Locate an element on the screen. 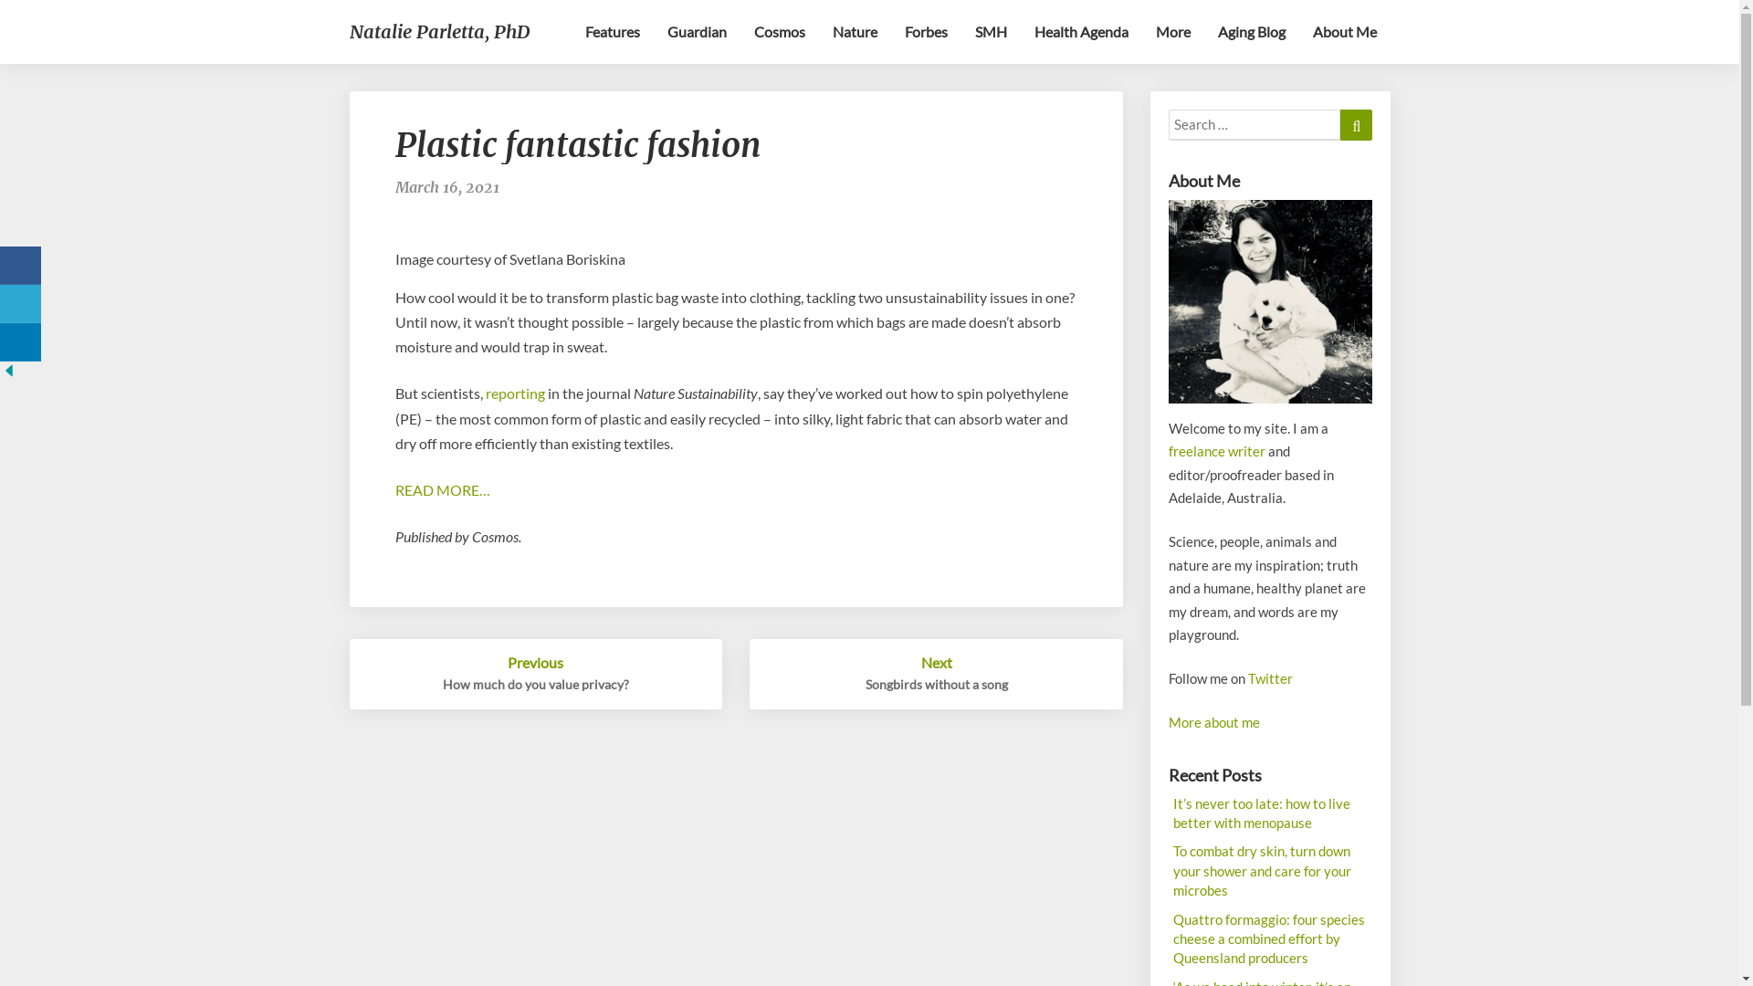  'reporting' is located at coordinates (514, 392).